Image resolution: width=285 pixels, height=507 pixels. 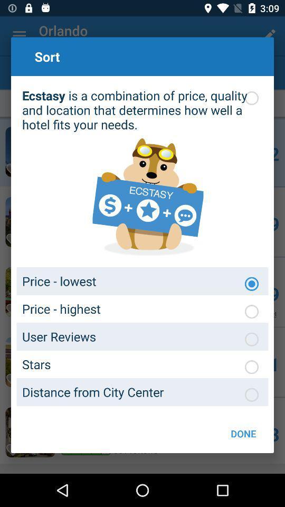 I want to click on option, so click(x=251, y=394).